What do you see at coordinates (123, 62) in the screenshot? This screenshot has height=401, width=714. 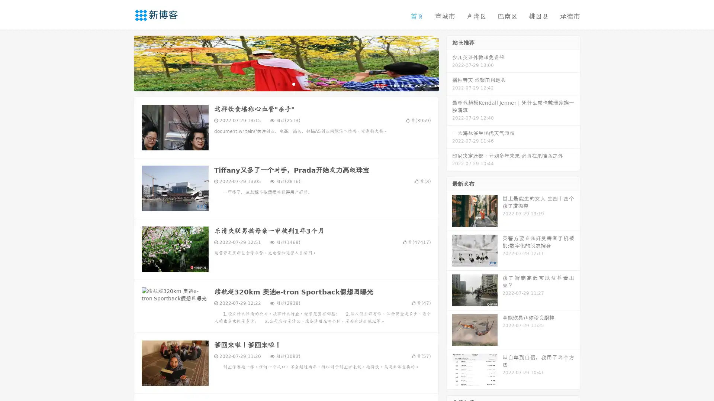 I see `Previous slide` at bounding box center [123, 62].